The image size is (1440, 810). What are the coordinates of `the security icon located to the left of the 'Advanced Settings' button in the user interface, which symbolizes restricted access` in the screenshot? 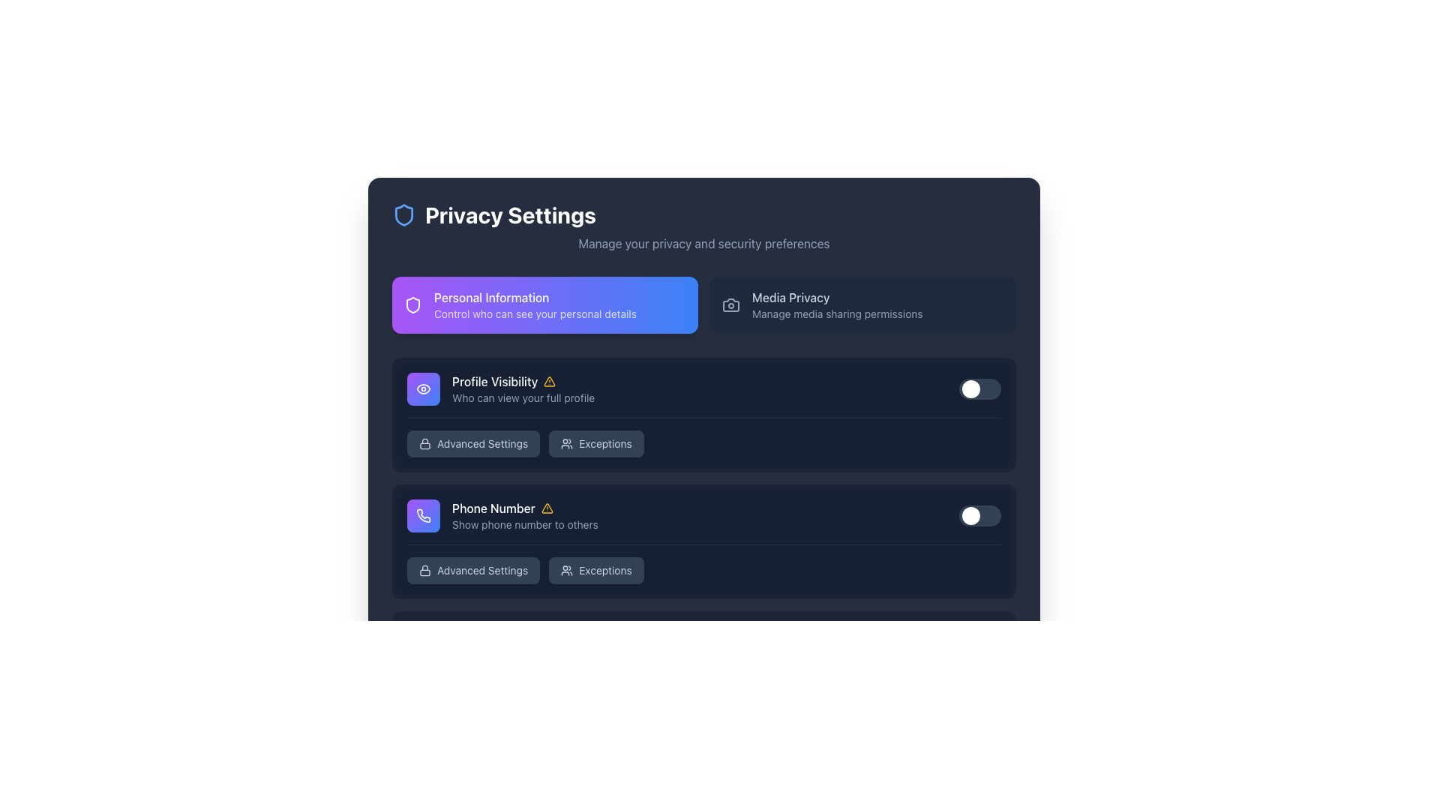 It's located at (424, 570).